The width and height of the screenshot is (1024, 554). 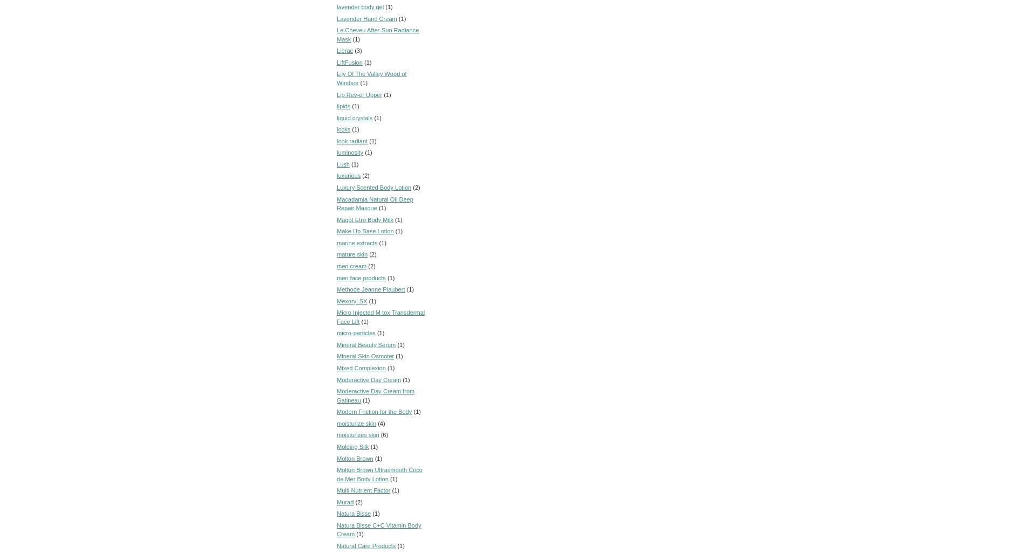 What do you see at coordinates (360, 6) in the screenshot?
I see `'lavender body gel'` at bounding box center [360, 6].